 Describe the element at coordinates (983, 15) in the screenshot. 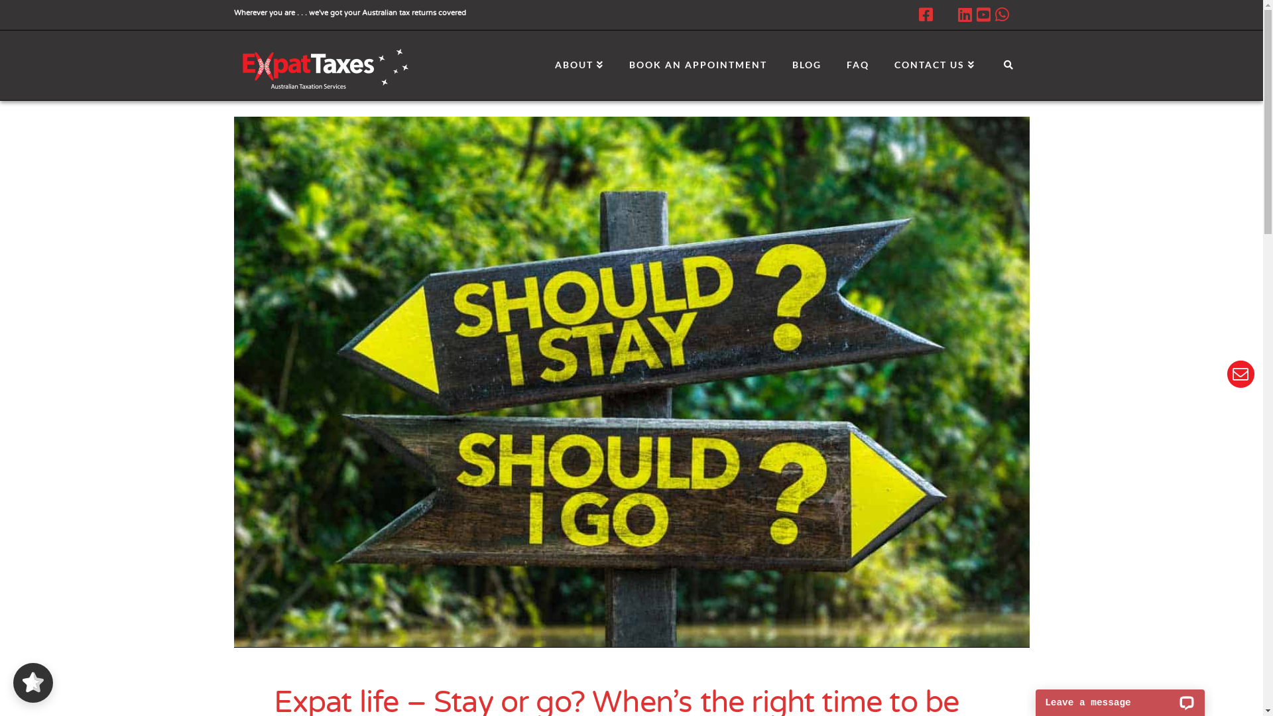

I see `'YouTube'` at that location.